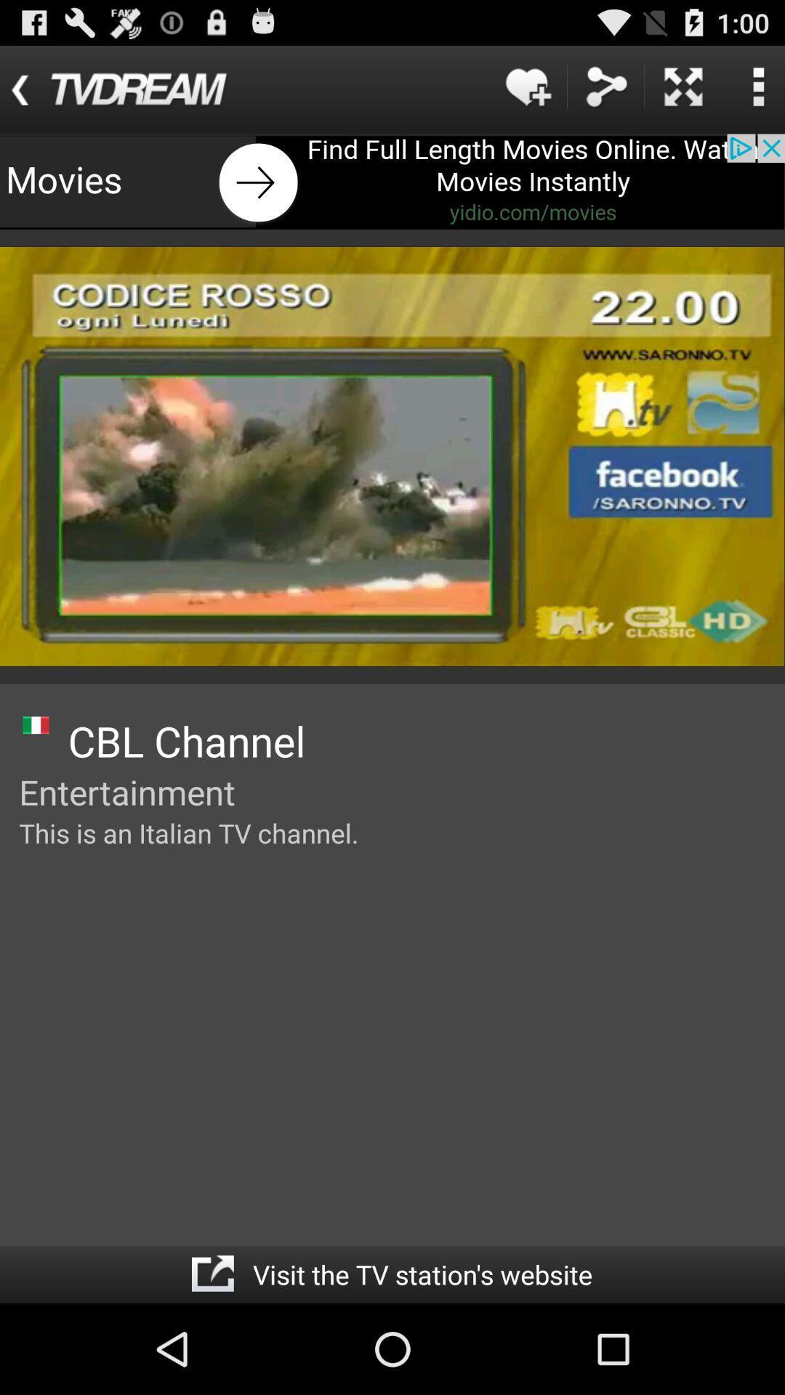 This screenshot has height=1395, width=785. Describe the element at coordinates (605, 86) in the screenshot. I see `share to media` at that location.